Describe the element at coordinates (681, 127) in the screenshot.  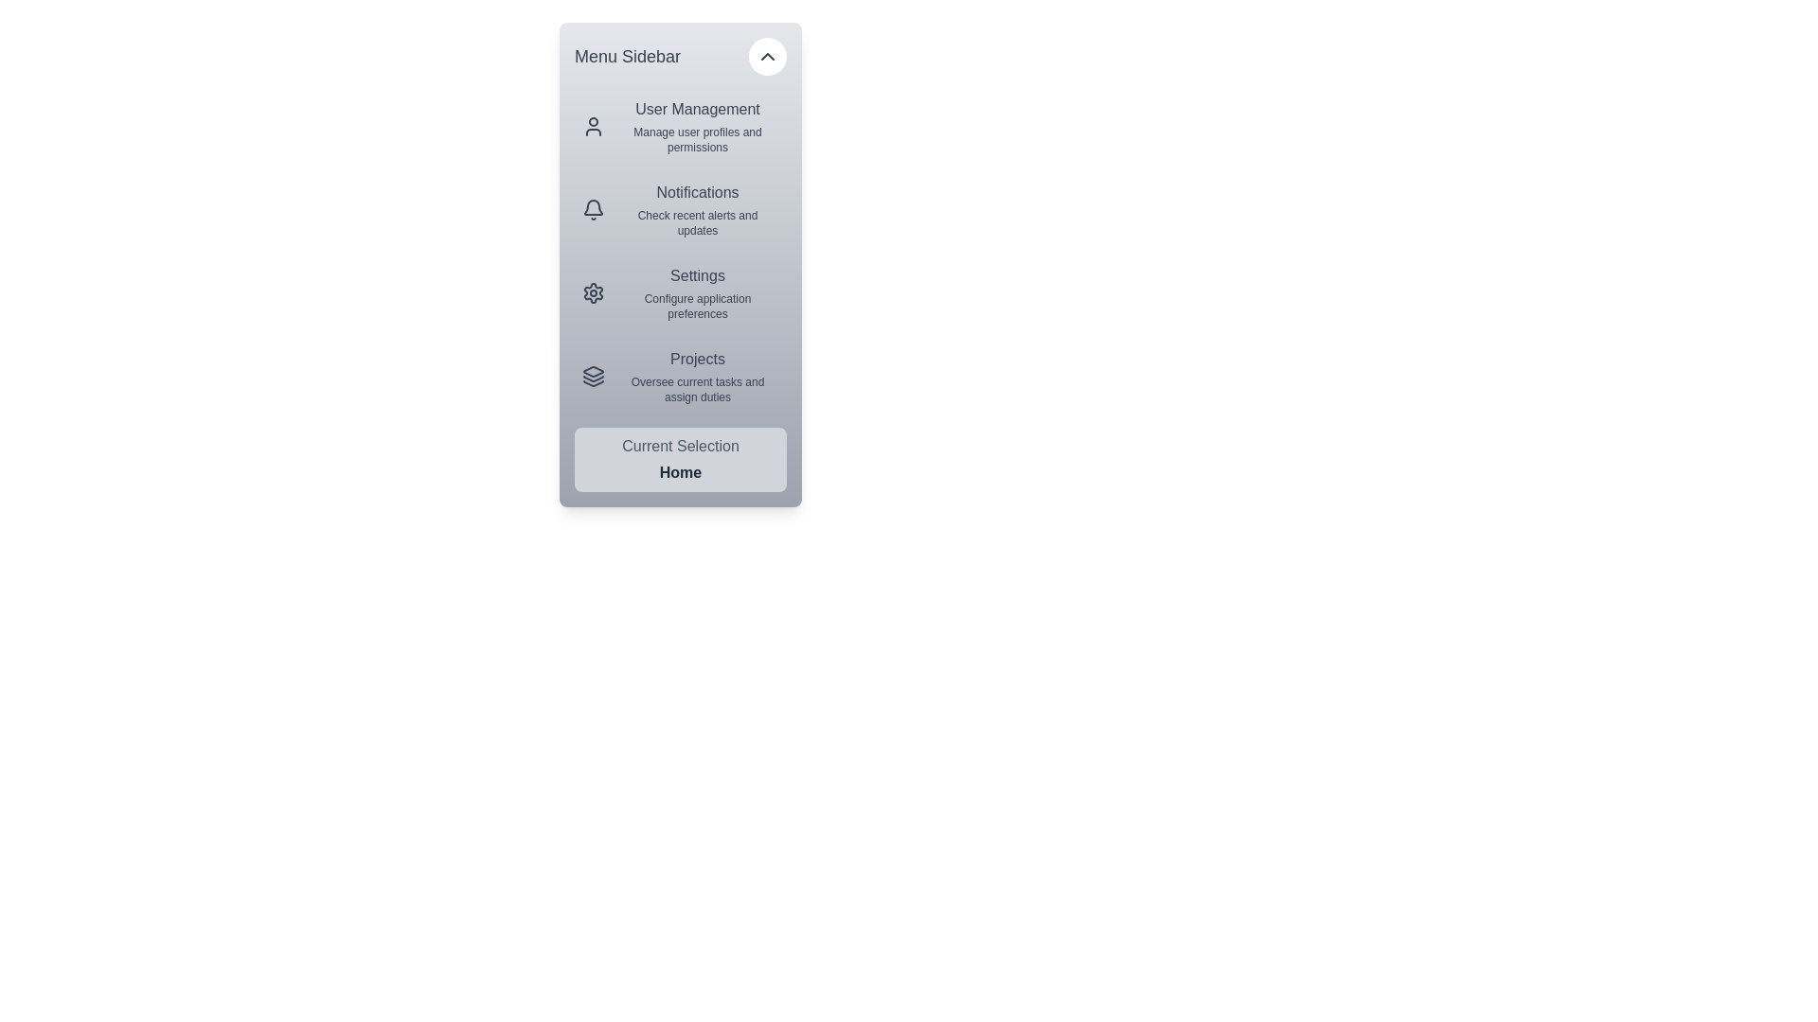
I see `the 'User Management' button in the sidebar menu` at that location.